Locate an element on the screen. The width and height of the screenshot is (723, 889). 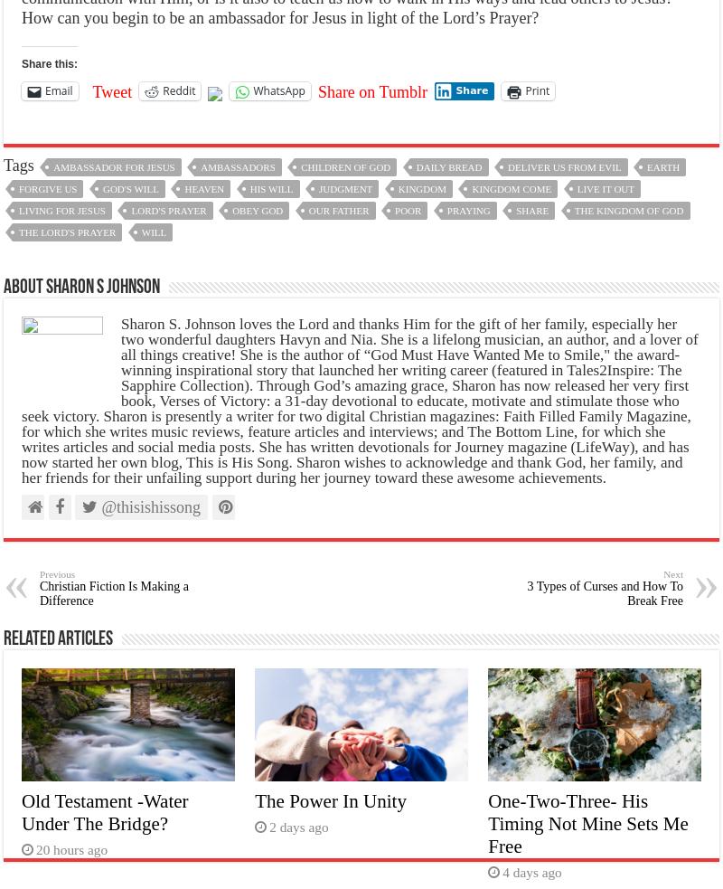
'forgive us' is located at coordinates (47, 188).